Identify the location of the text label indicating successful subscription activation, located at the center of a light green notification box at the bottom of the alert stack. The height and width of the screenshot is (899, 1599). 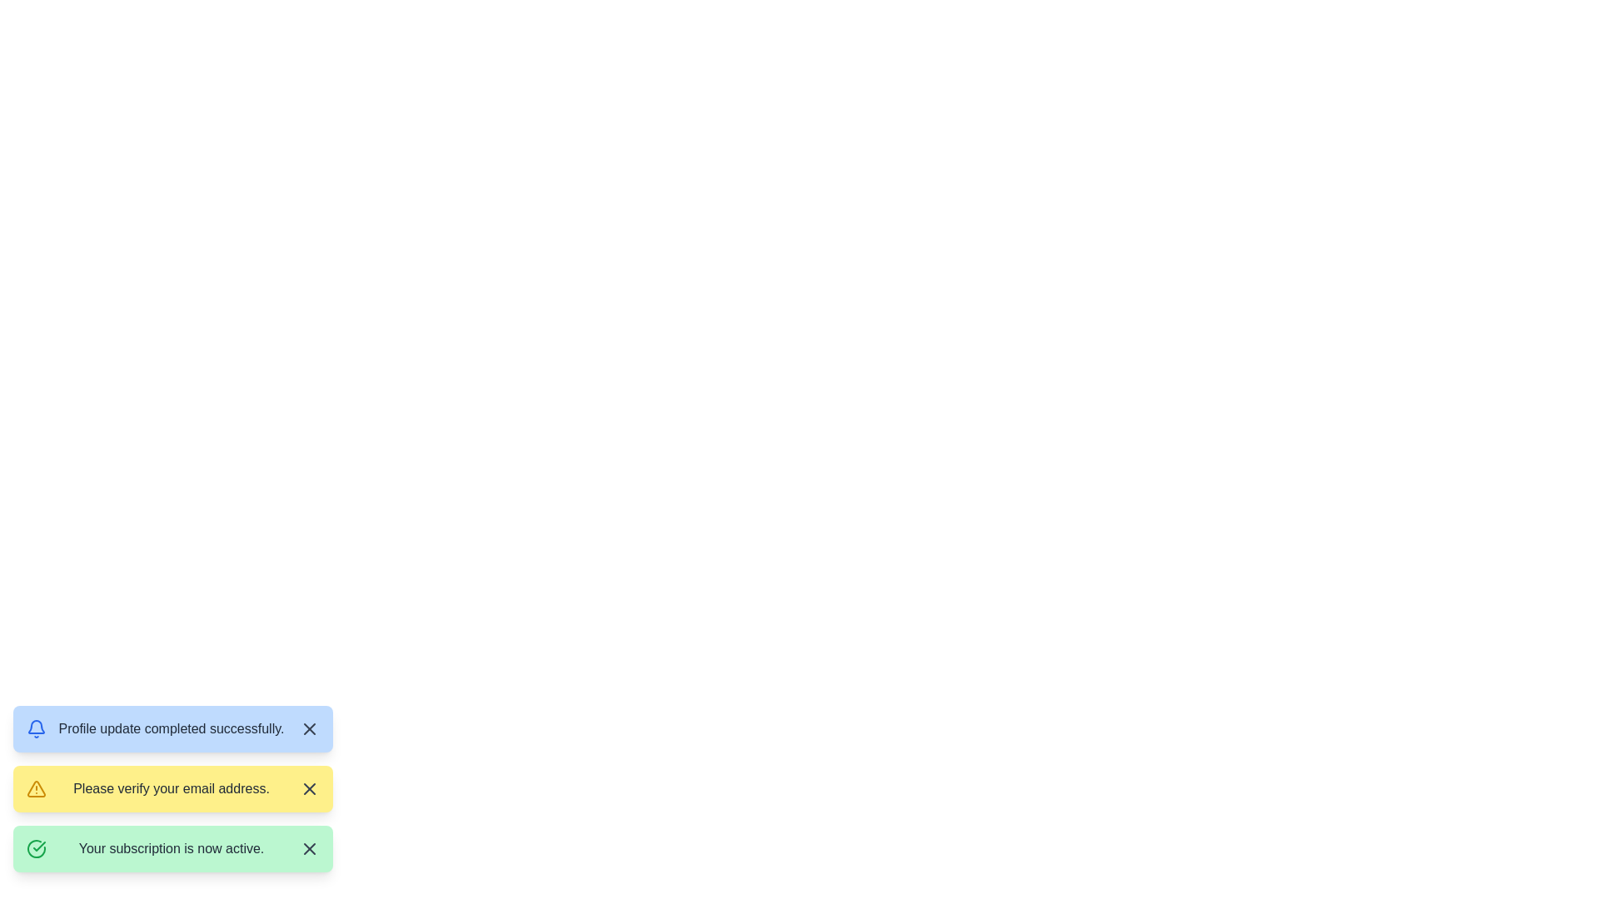
(172, 848).